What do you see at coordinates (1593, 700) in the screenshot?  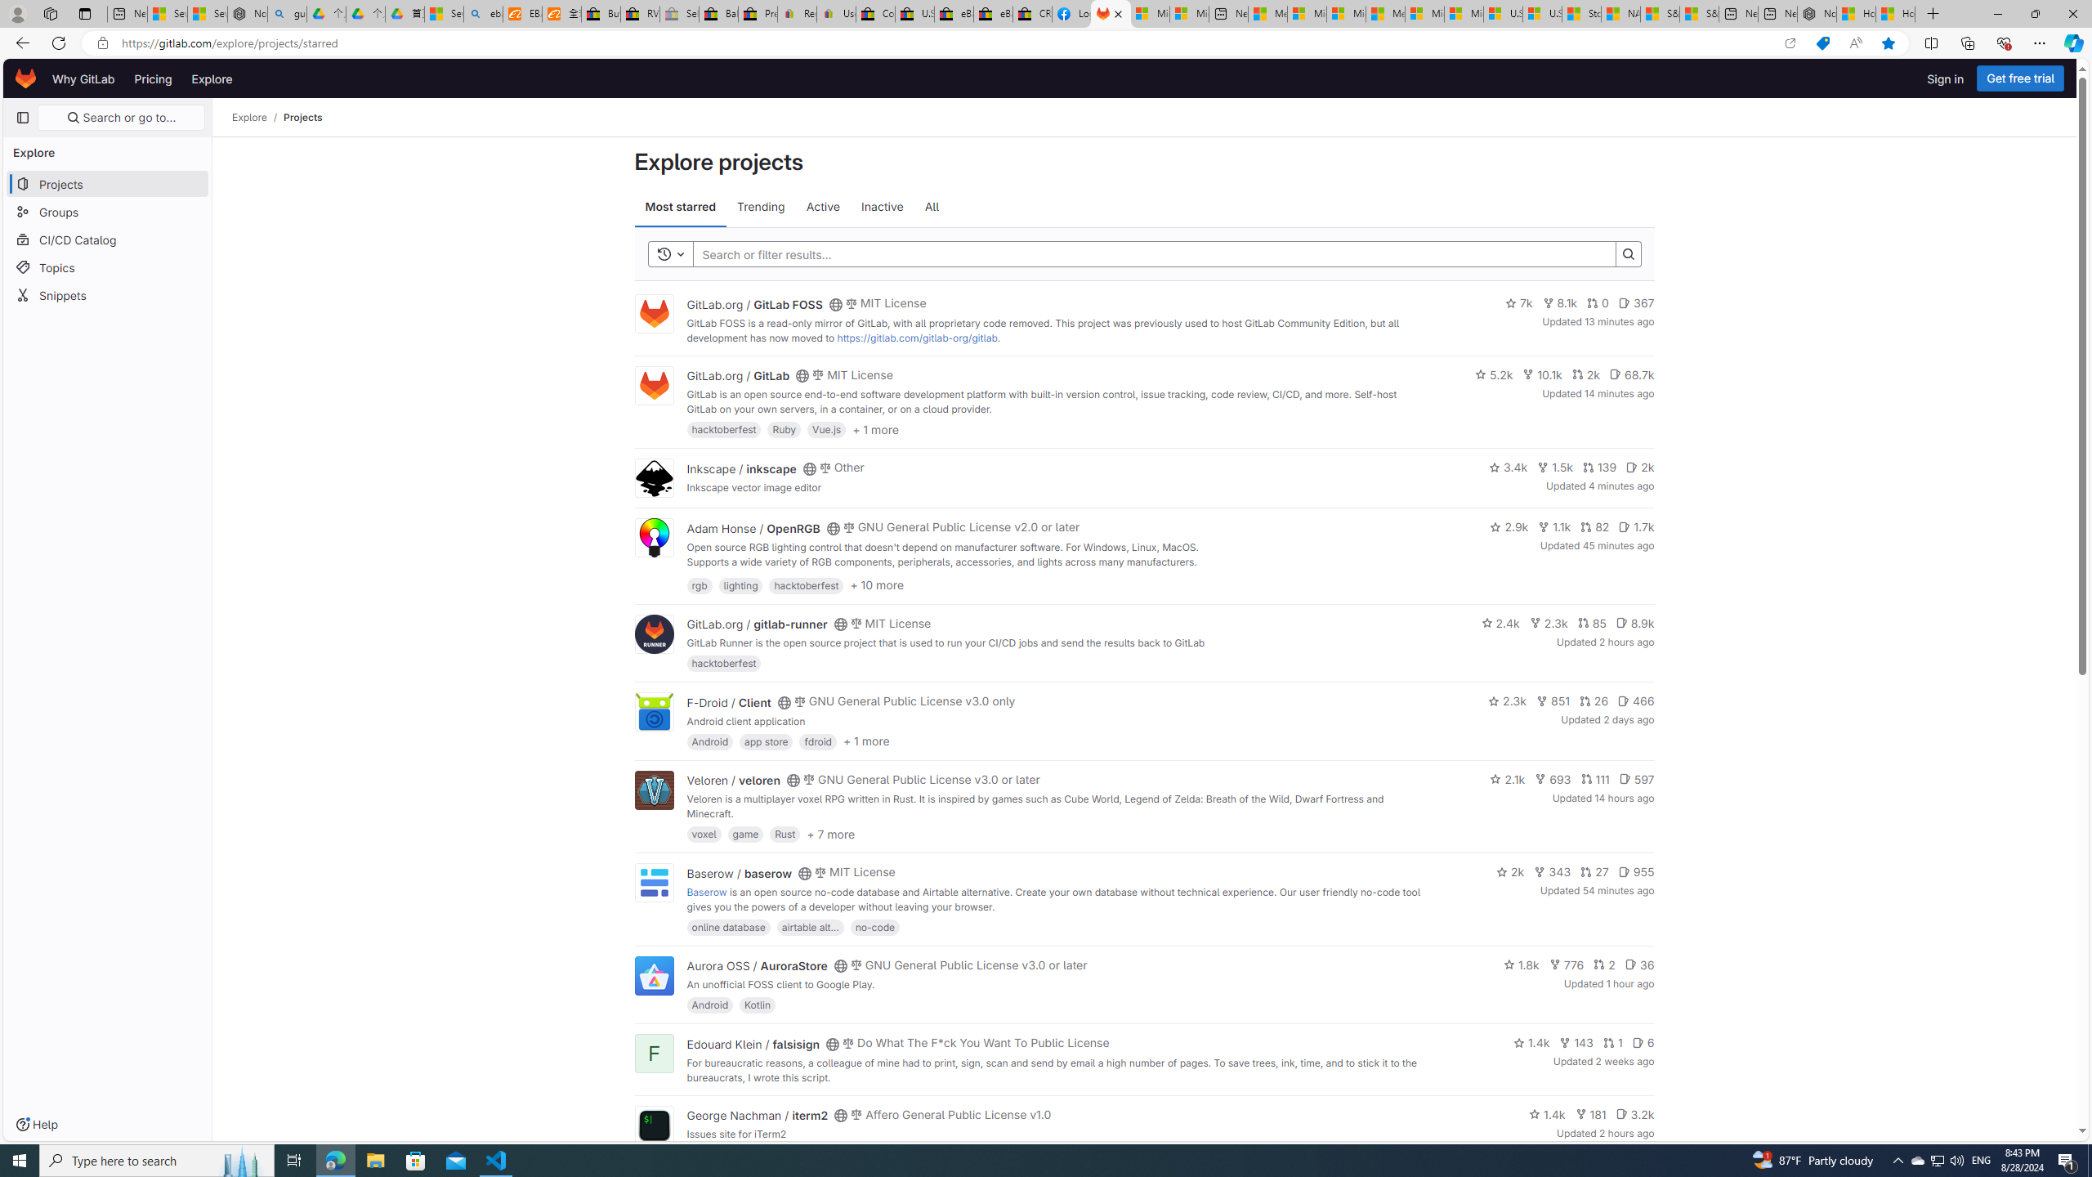 I see `'26'` at bounding box center [1593, 700].